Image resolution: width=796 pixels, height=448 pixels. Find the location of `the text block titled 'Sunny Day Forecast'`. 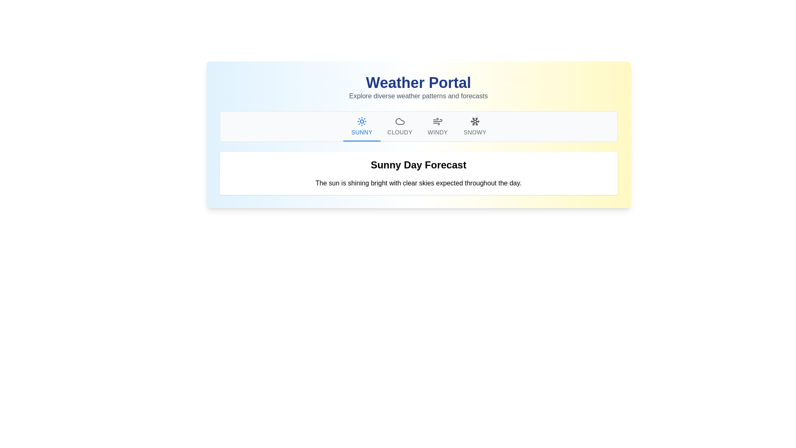

the text block titled 'Sunny Day Forecast' is located at coordinates (418, 173).